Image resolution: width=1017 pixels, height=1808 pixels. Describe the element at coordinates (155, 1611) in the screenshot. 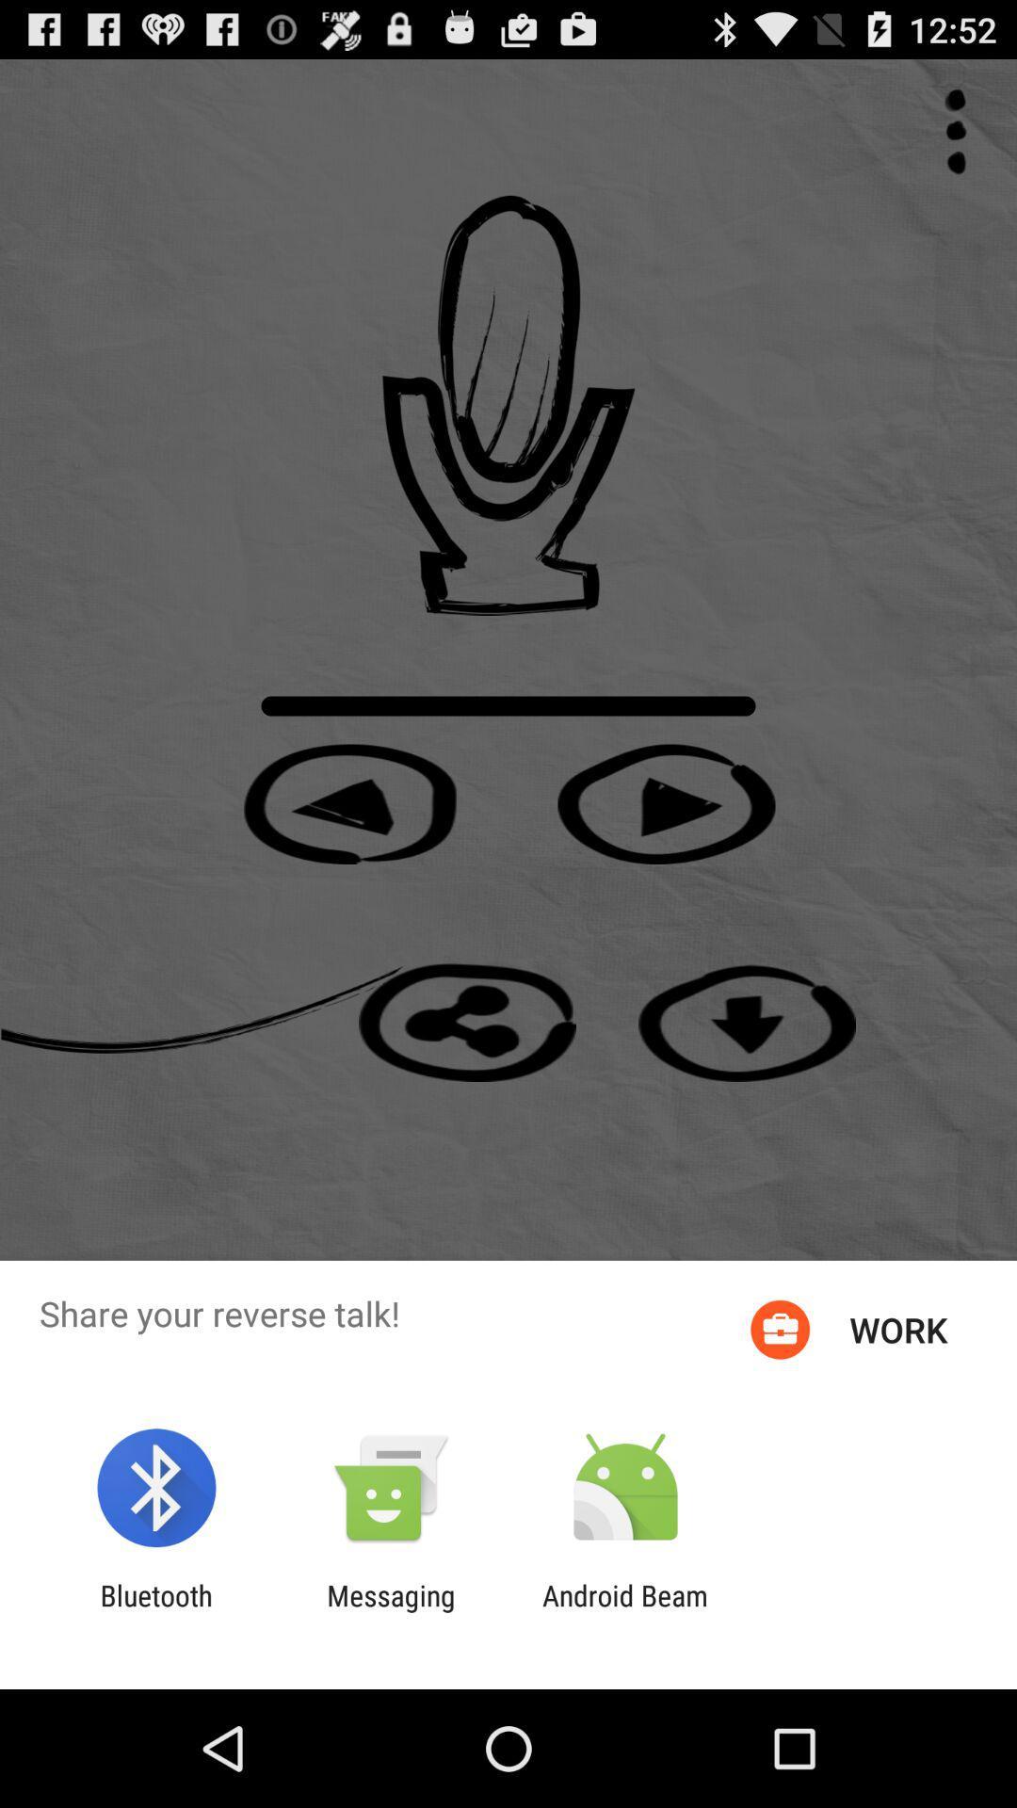

I see `bluetooth icon` at that location.